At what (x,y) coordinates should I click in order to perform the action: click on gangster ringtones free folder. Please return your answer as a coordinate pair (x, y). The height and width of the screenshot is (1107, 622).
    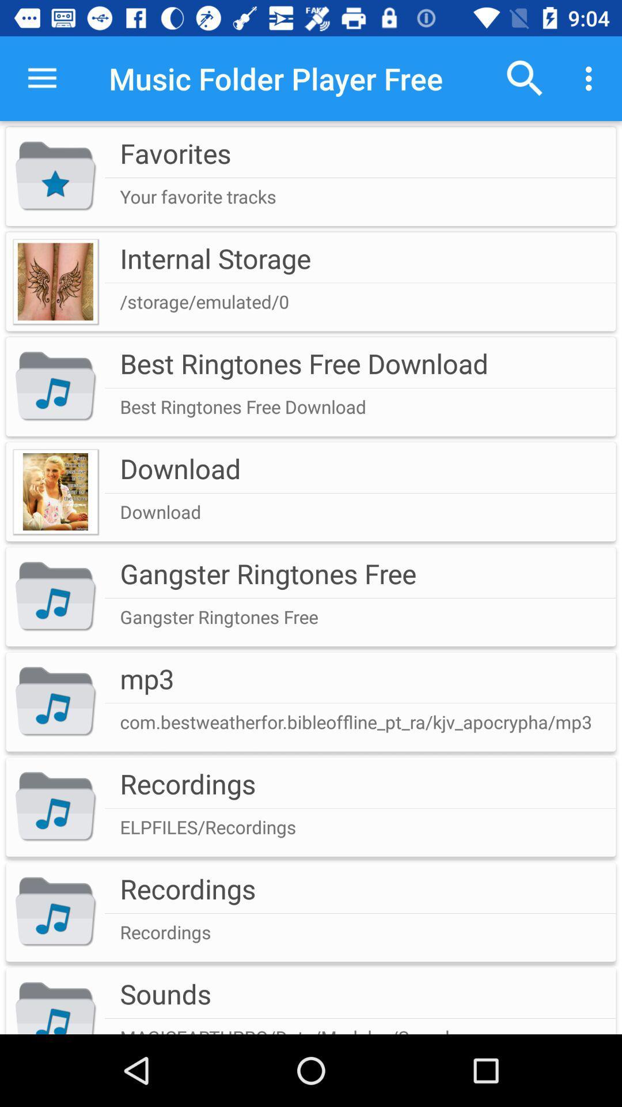
    Looking at the image, I should click on (311, 597).